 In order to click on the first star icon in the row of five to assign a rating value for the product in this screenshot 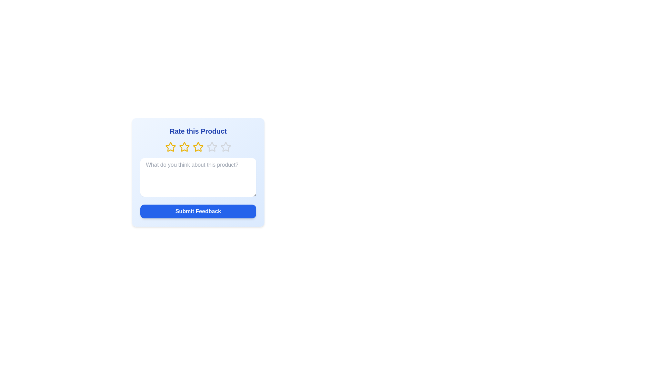, I will do `click(170, 146)`.